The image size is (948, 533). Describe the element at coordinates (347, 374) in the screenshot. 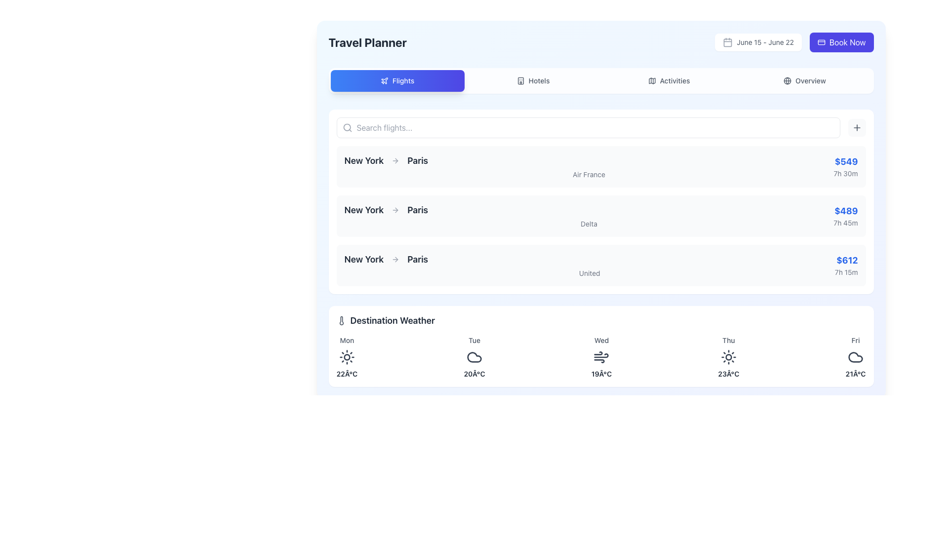

I see `the static text indicating the forecasted temperature for 'Mon.' in the 'Destination Weather' section, located below the sunny weather icon` at that location.